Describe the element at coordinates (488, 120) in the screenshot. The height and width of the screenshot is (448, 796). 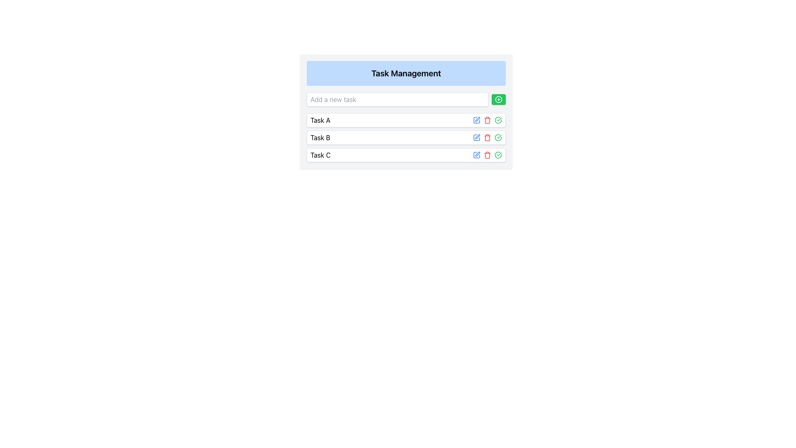
I see `the delete button for 'Task A'` at that location.